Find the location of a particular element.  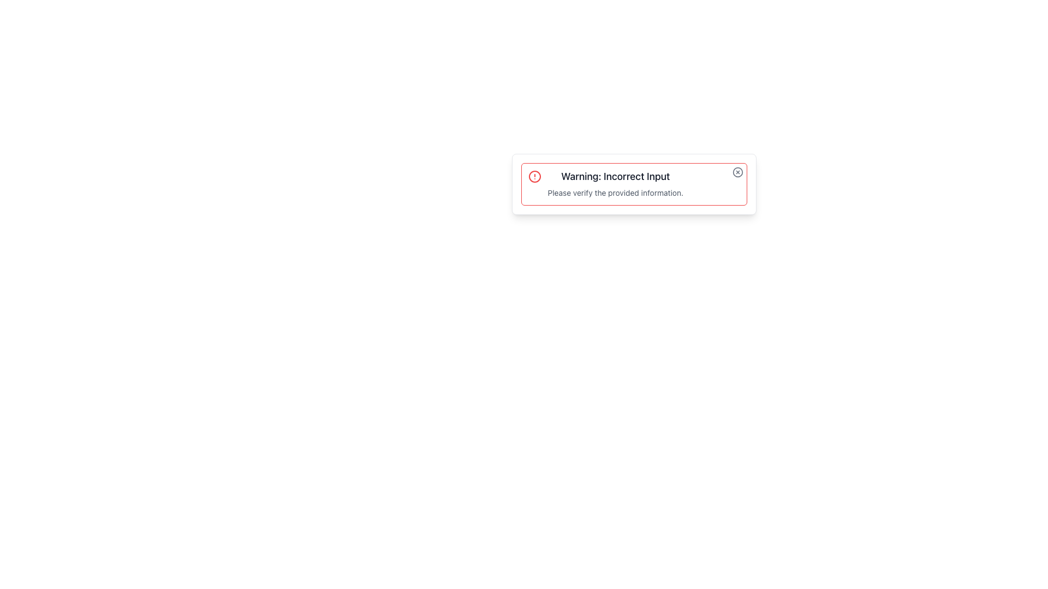

warning message displayed in the warning box, located to the right of the warning icon and above the dismiss button icon is located at coordinates (615, 184).